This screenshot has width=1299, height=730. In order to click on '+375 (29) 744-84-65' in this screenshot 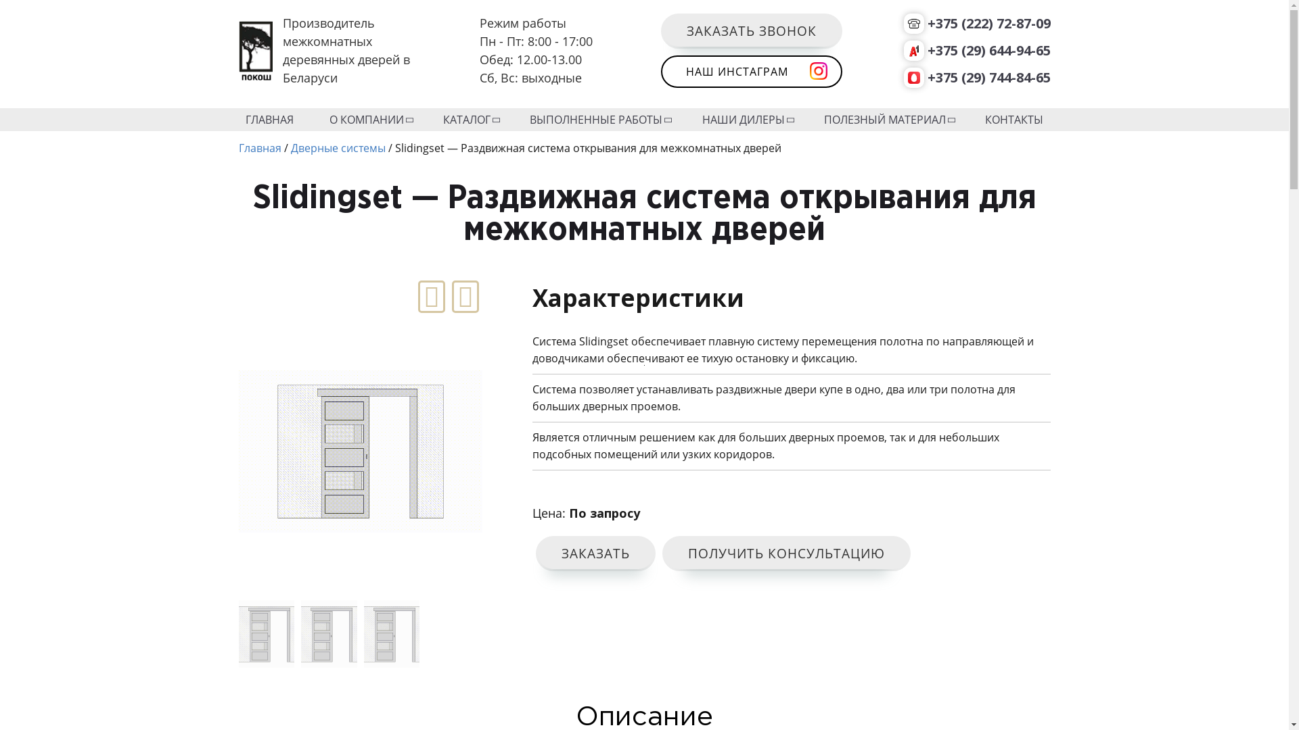, I will do `click(977, 78)`.